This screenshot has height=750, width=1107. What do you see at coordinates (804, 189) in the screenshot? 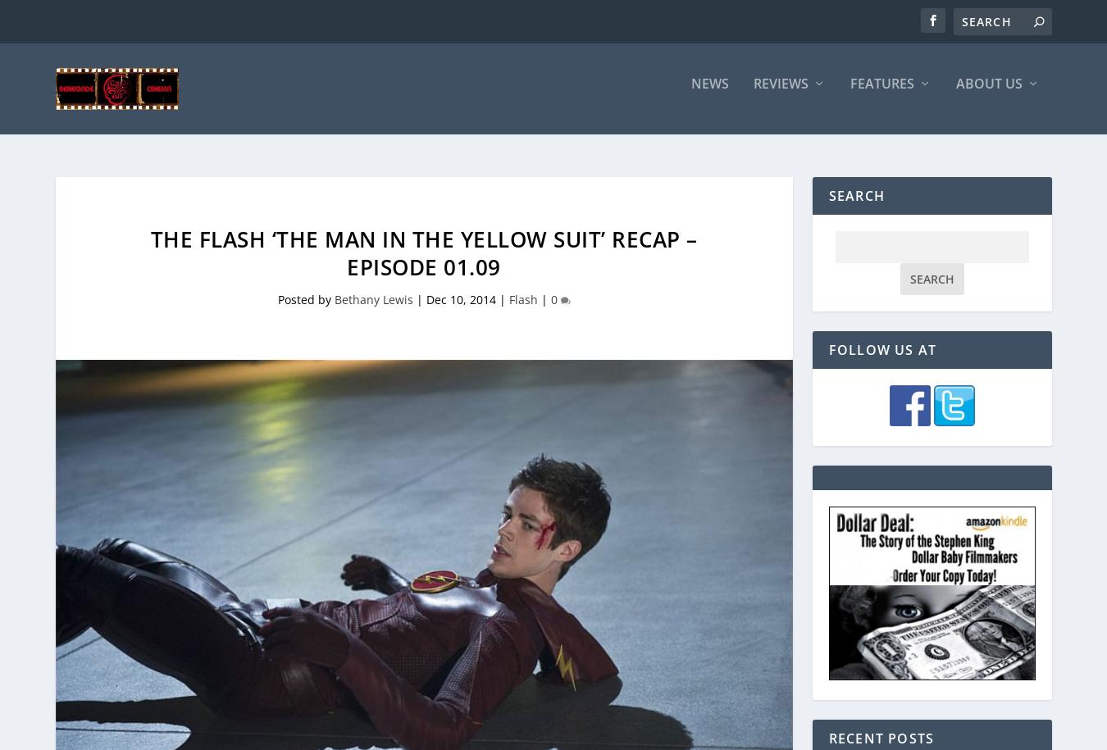
I see `'Movie Reviews'` at bounding box center [804, 189].